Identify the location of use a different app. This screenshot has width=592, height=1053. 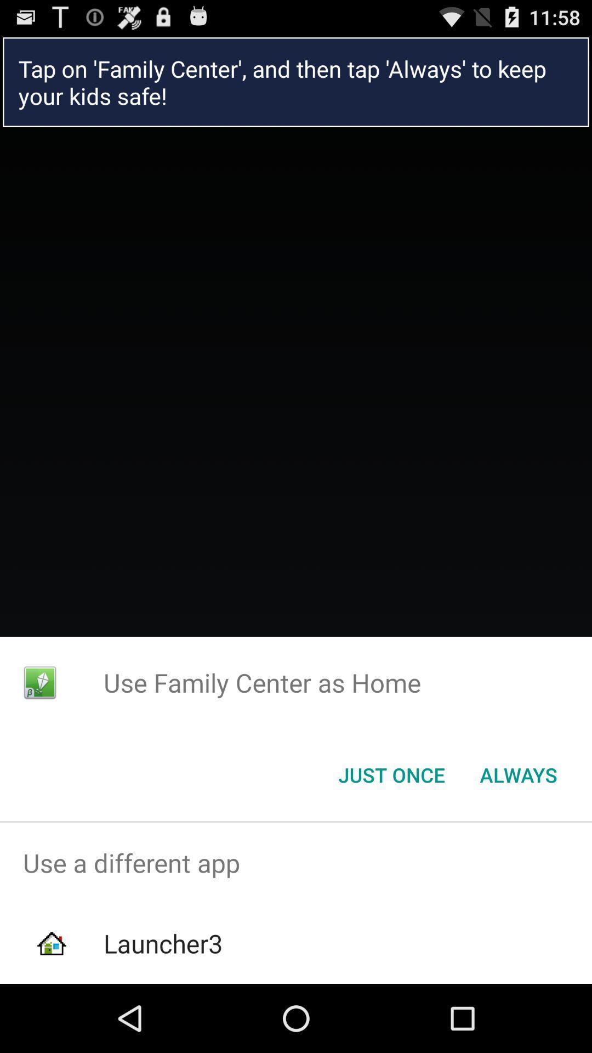
(296, 862).